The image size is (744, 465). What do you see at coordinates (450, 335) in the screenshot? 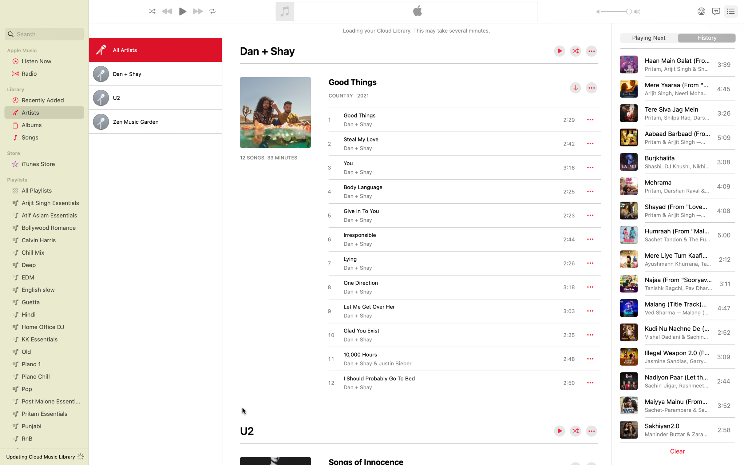
I see `the song "Glad You Exist" to download` at bounding box center [450, 335].